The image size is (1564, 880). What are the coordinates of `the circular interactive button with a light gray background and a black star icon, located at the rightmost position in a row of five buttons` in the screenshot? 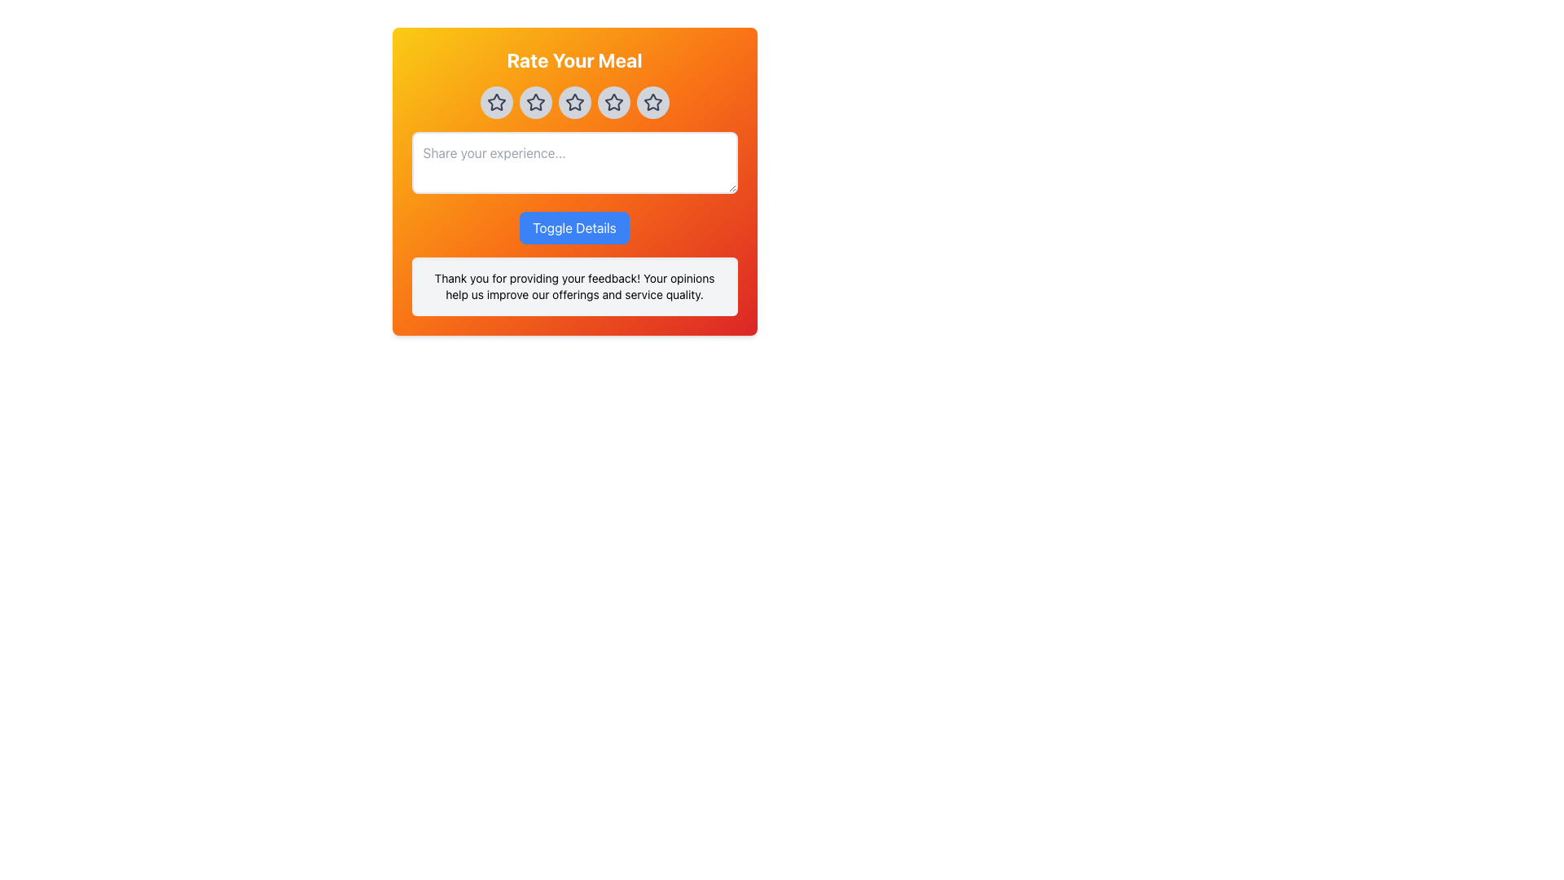 It's located at (652, 103).